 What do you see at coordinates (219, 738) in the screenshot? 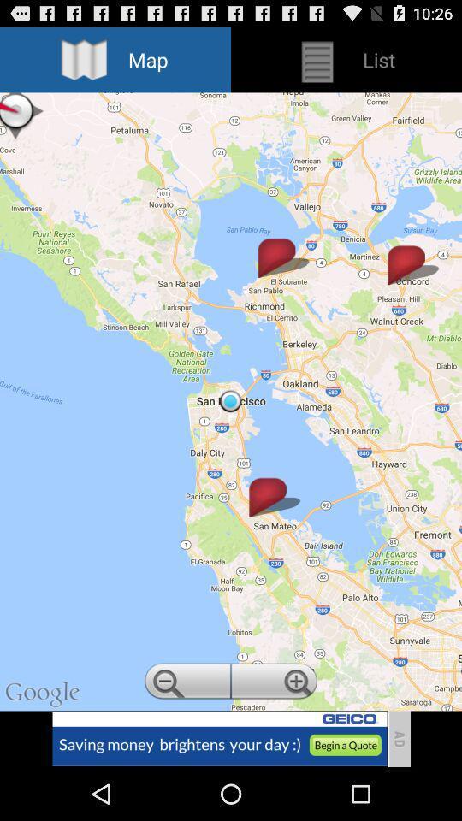
I see `visit advertiser` at bounding box center [219, 738].